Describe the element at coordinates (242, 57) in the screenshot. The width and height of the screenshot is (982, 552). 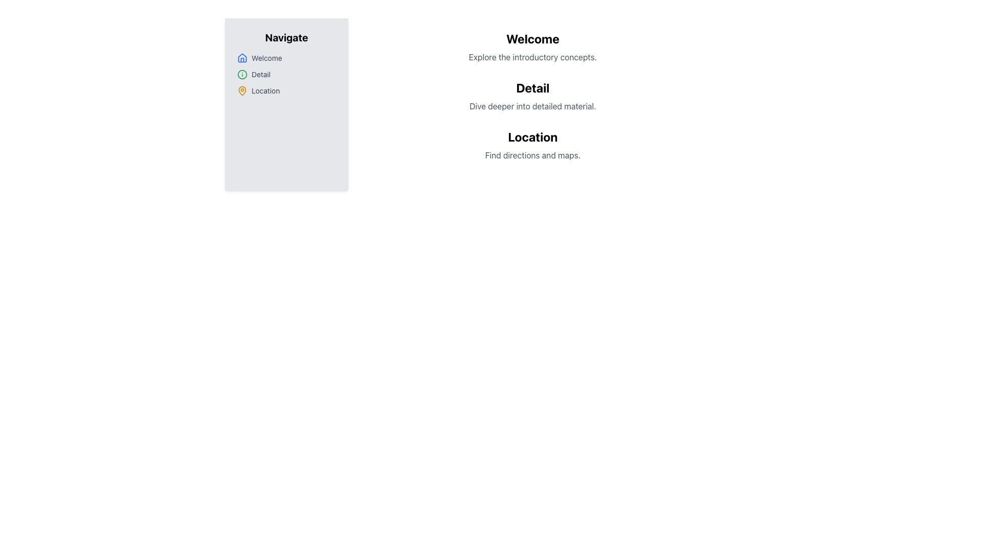
I see `the 'Welcome' icon located at the top-left corner of the vertical navigation menu` at that location.